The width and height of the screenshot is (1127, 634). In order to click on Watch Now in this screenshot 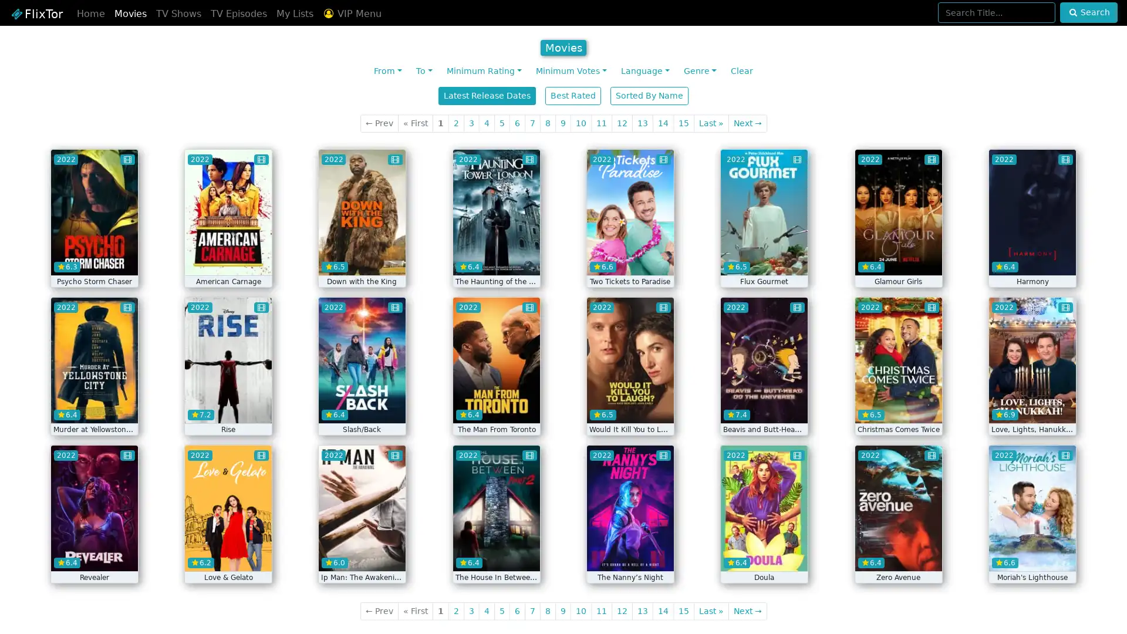, I will do `click(764, 257)`.